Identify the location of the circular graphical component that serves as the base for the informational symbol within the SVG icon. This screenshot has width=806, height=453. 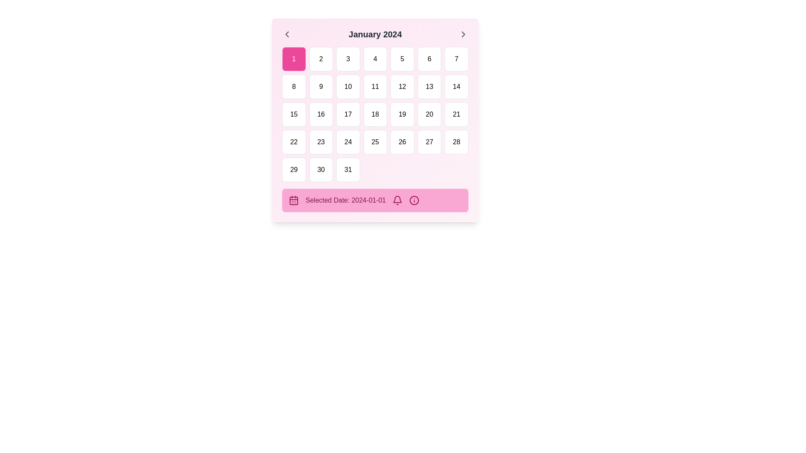
(414, 200).